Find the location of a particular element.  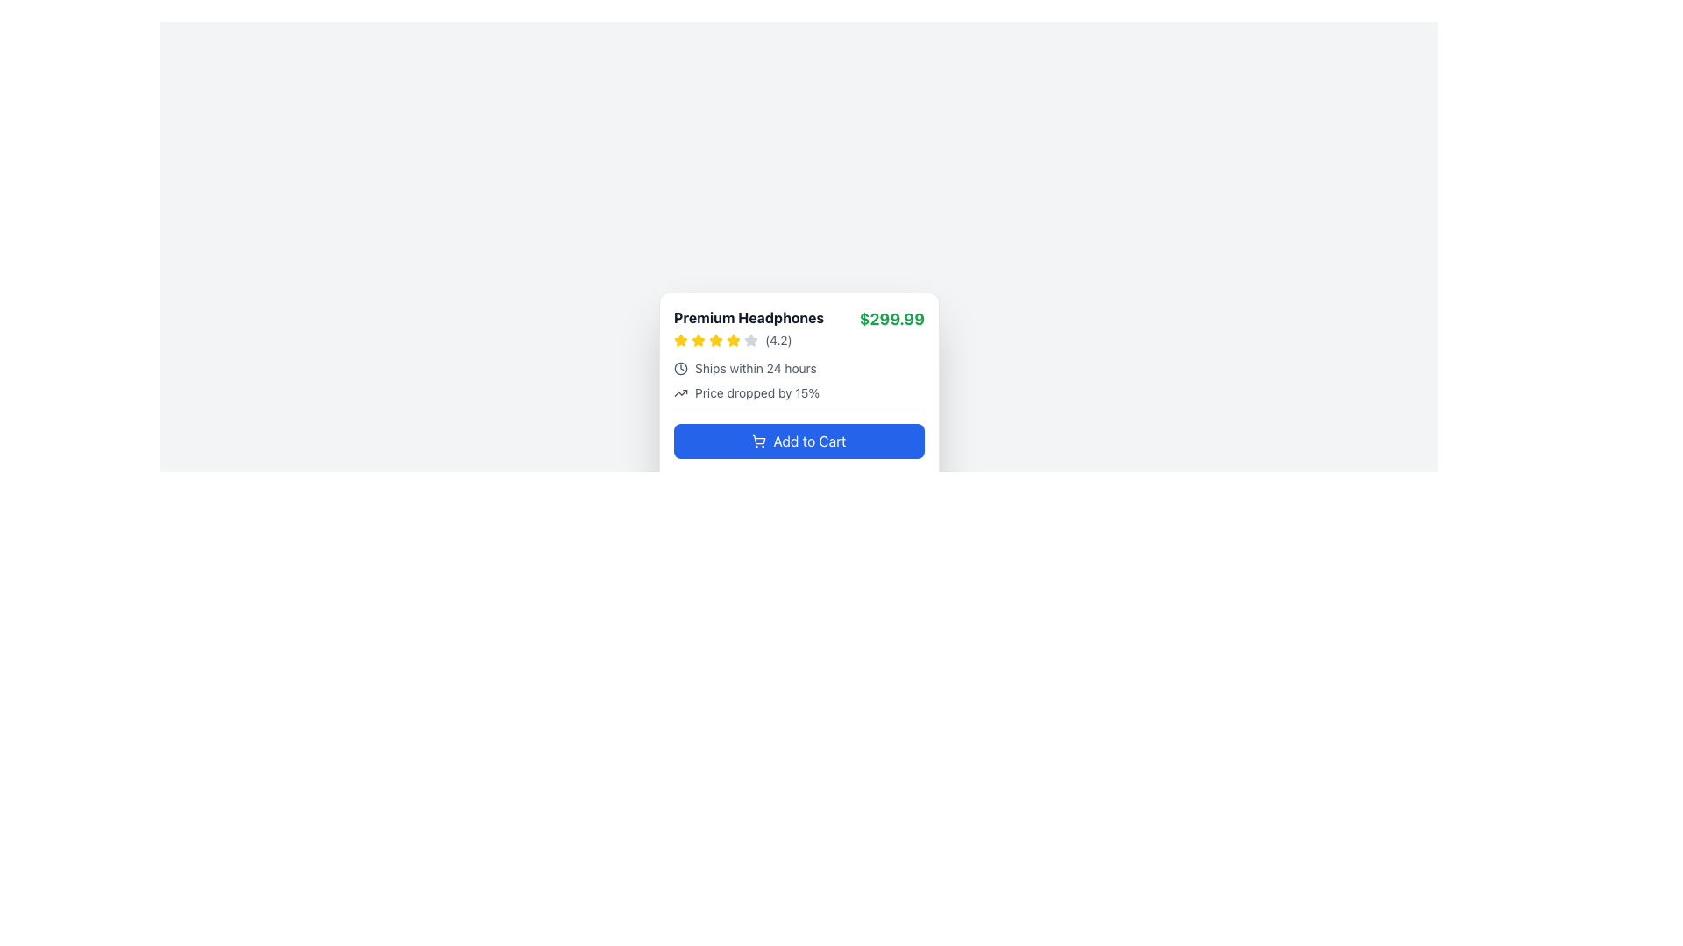

textual label displaying the product name and rating visualization, which is located in the upper-left section above the price of $299.99 is located at coordinates (749, 328).